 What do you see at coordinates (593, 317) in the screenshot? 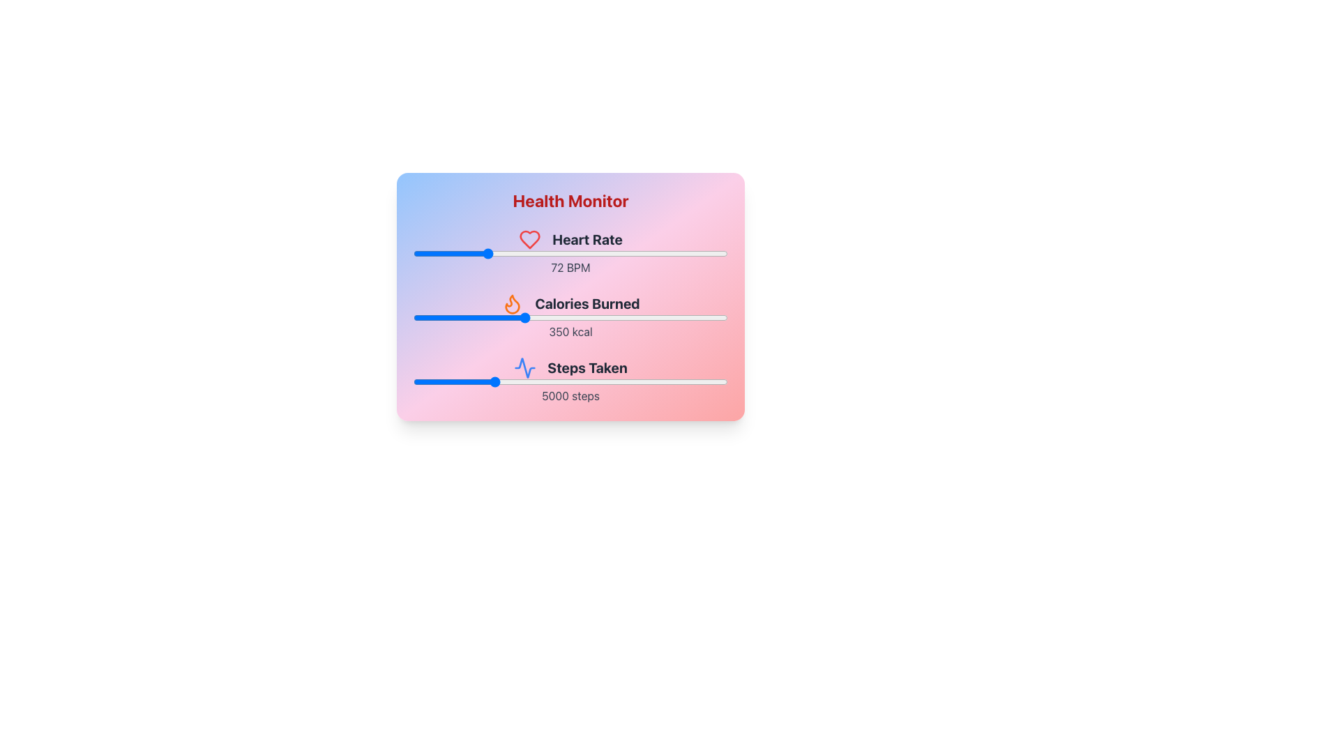
I see `the calories burned slider` at bounding box center [593, 317].